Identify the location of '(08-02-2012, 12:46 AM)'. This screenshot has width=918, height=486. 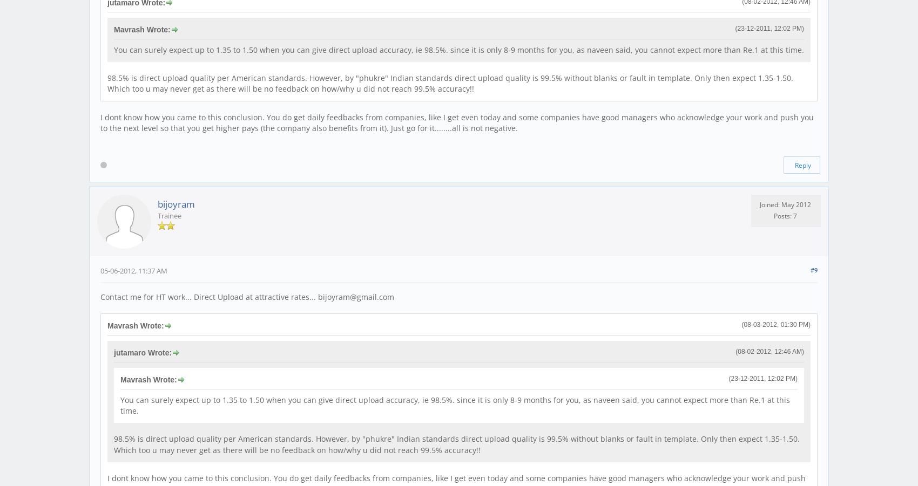
(769, 351).